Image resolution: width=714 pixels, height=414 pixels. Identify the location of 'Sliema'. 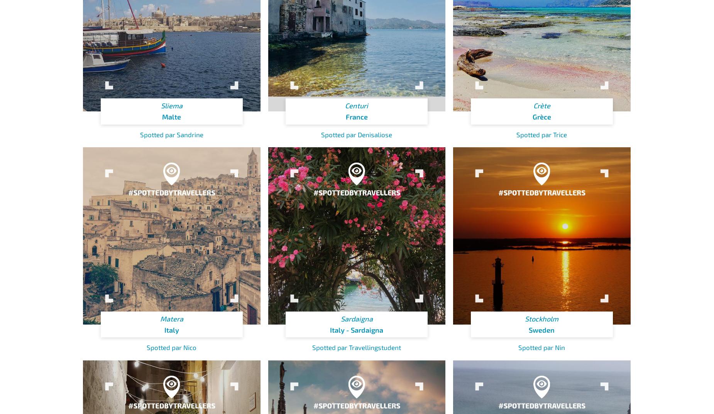
(171, 105).